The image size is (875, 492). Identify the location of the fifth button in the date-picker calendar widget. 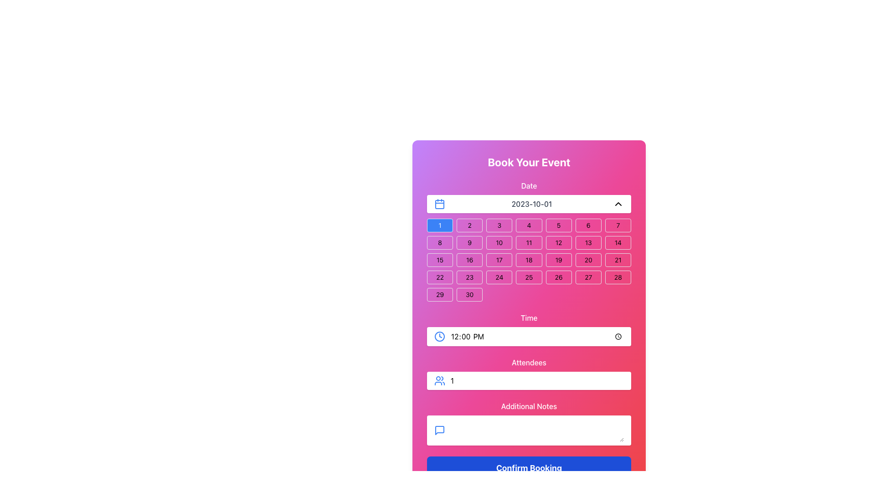
(558, 225).